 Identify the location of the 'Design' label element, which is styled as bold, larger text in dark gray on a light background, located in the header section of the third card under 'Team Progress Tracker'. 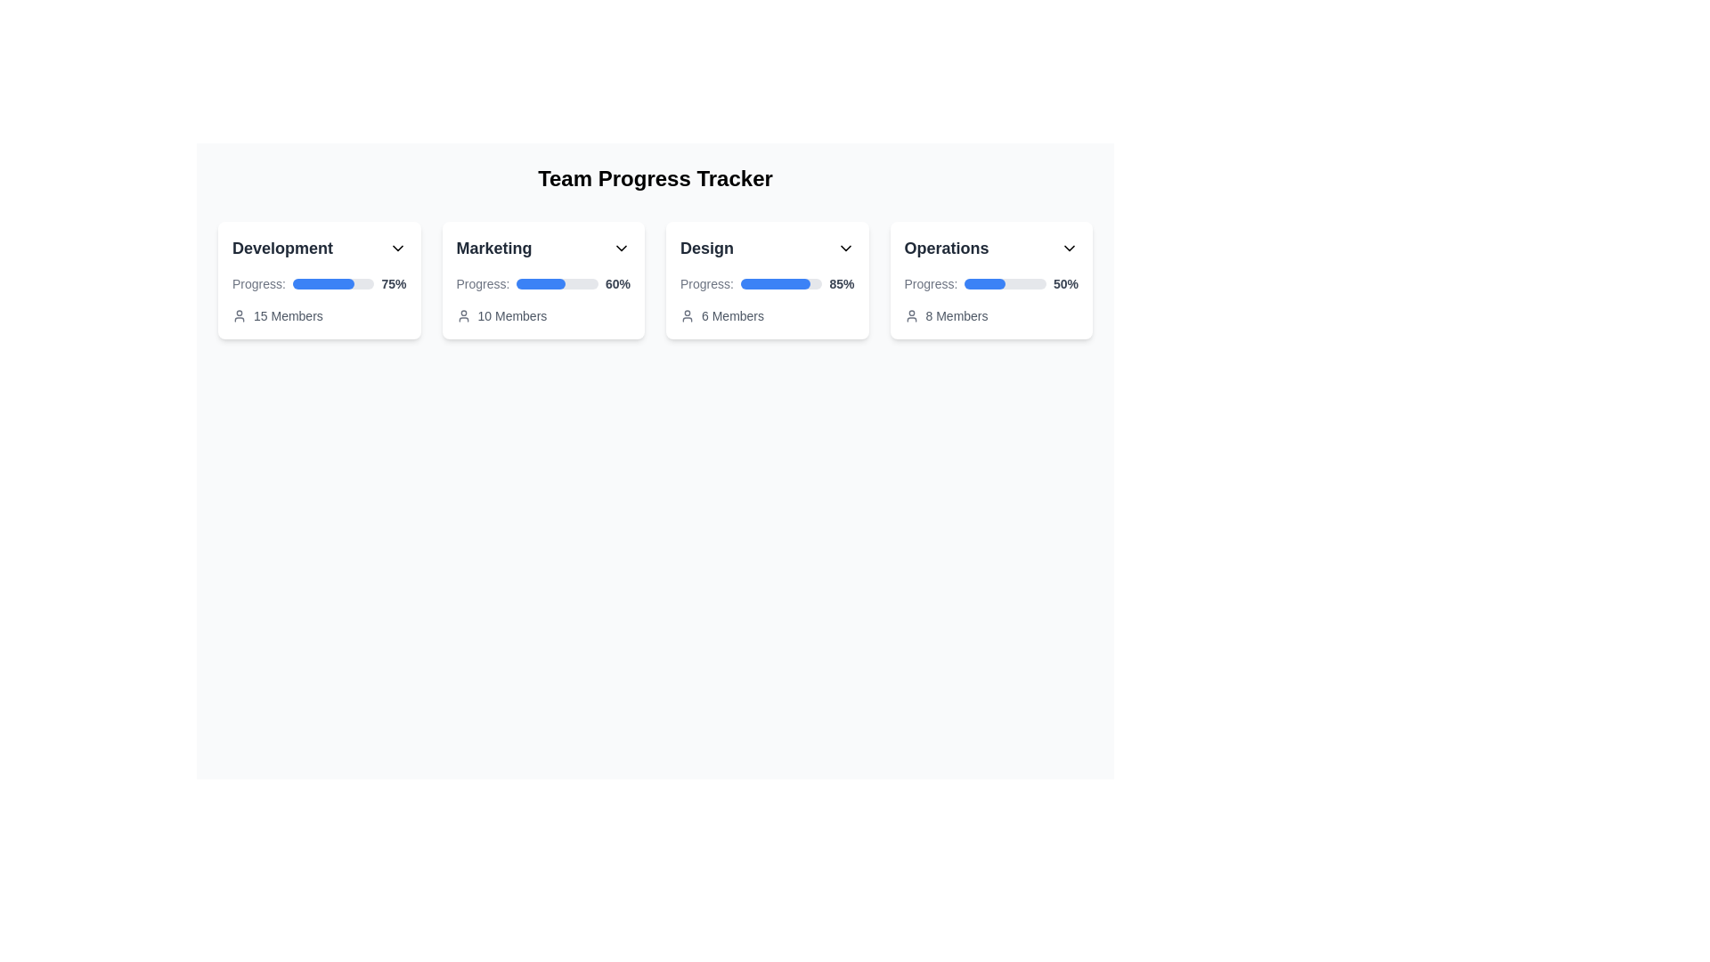
(705, 248).